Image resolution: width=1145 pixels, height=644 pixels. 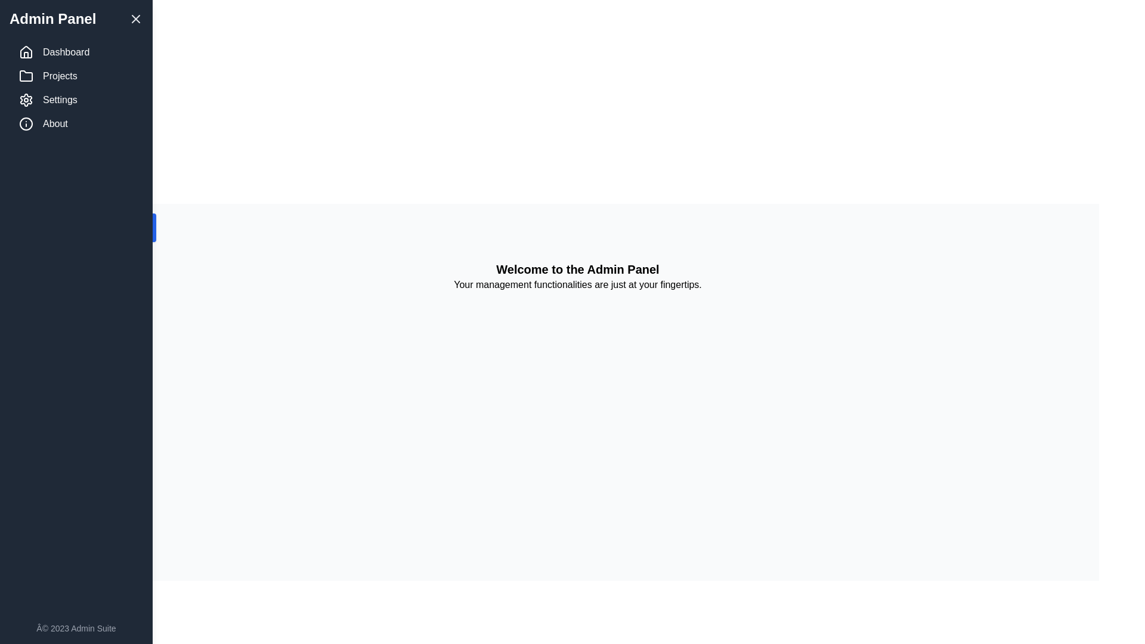 What do you see at coordinates (59, 76) in the screenshot?
I see `label text for the 'Projects' menu item located in the navigation panel, which is the second item from the top` at bounding box center [59, 76].